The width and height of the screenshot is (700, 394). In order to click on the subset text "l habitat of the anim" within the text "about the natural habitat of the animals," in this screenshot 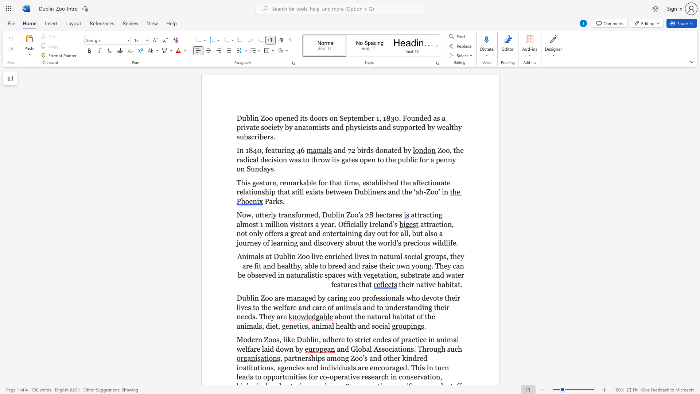, I will do `click(388, 316)`.